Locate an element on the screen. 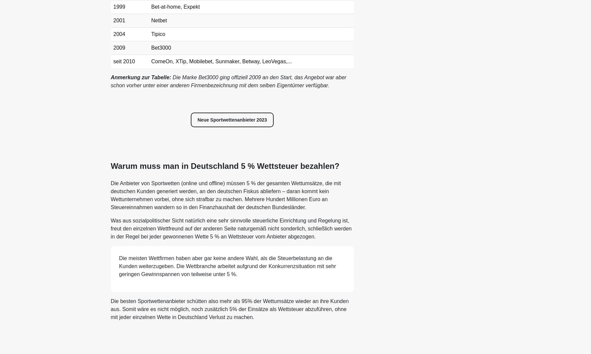  'Neue Sportwettenanbieter 2023' is located at coordinates (232, 119).